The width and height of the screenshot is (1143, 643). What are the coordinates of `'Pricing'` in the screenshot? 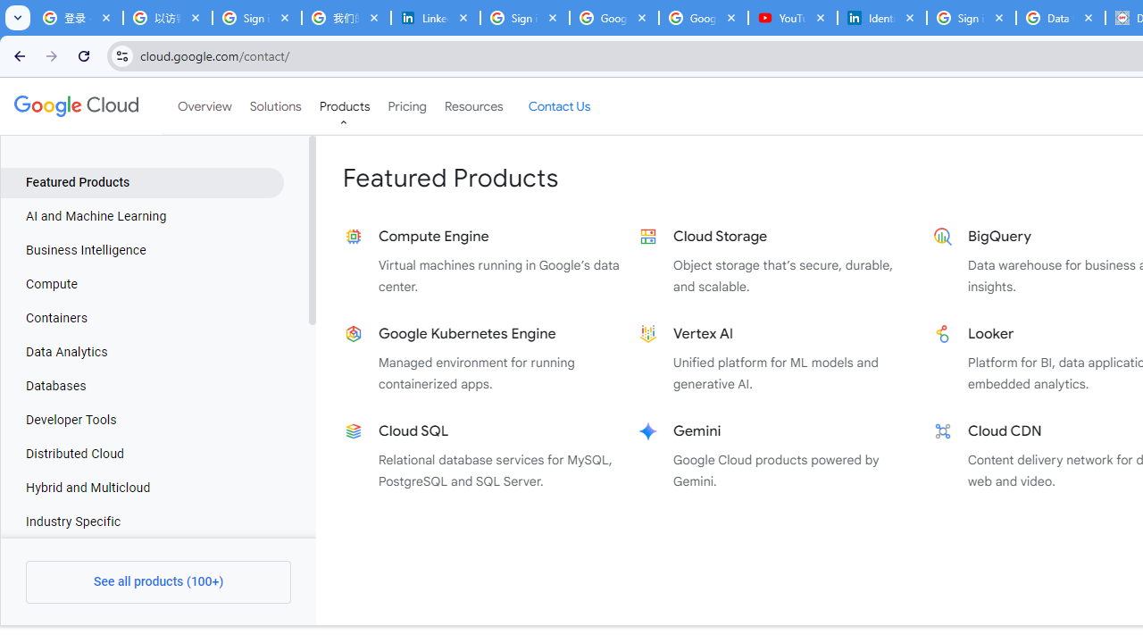 It's located at (405, 106).